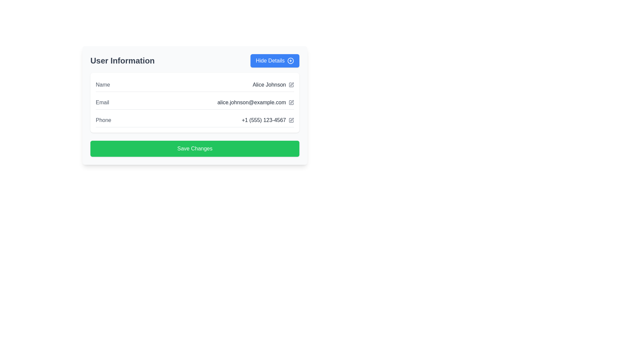  What do you see at coordinates (292, 119) in the screenshot?
I see `the edit icon located in the third row of the user details section next to the phone number` at bounding box center [292, 119].